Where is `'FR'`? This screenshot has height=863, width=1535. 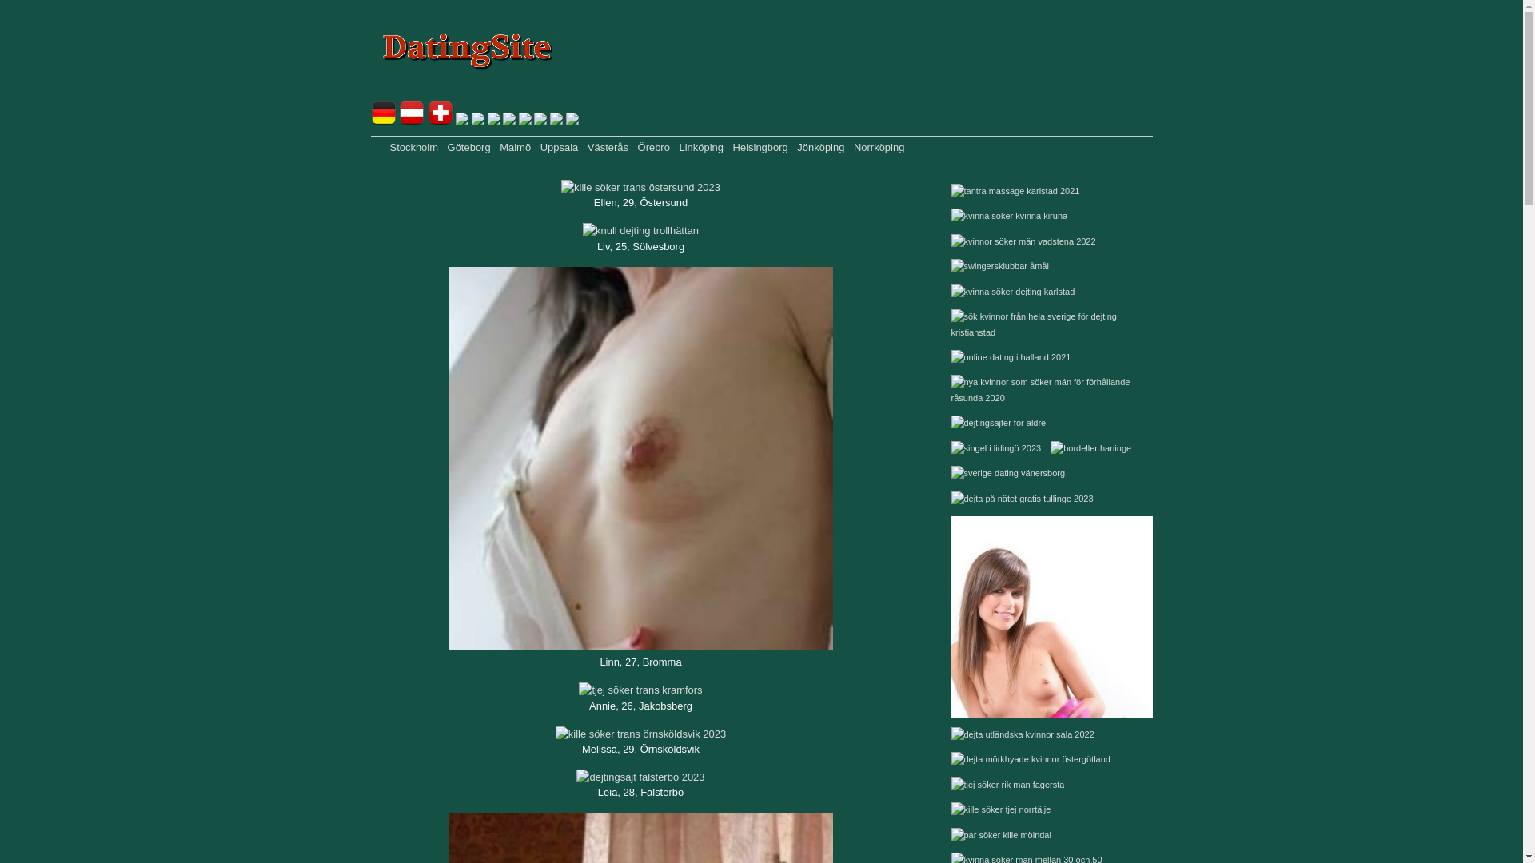 'FR' is located at coordinates (460, 121).